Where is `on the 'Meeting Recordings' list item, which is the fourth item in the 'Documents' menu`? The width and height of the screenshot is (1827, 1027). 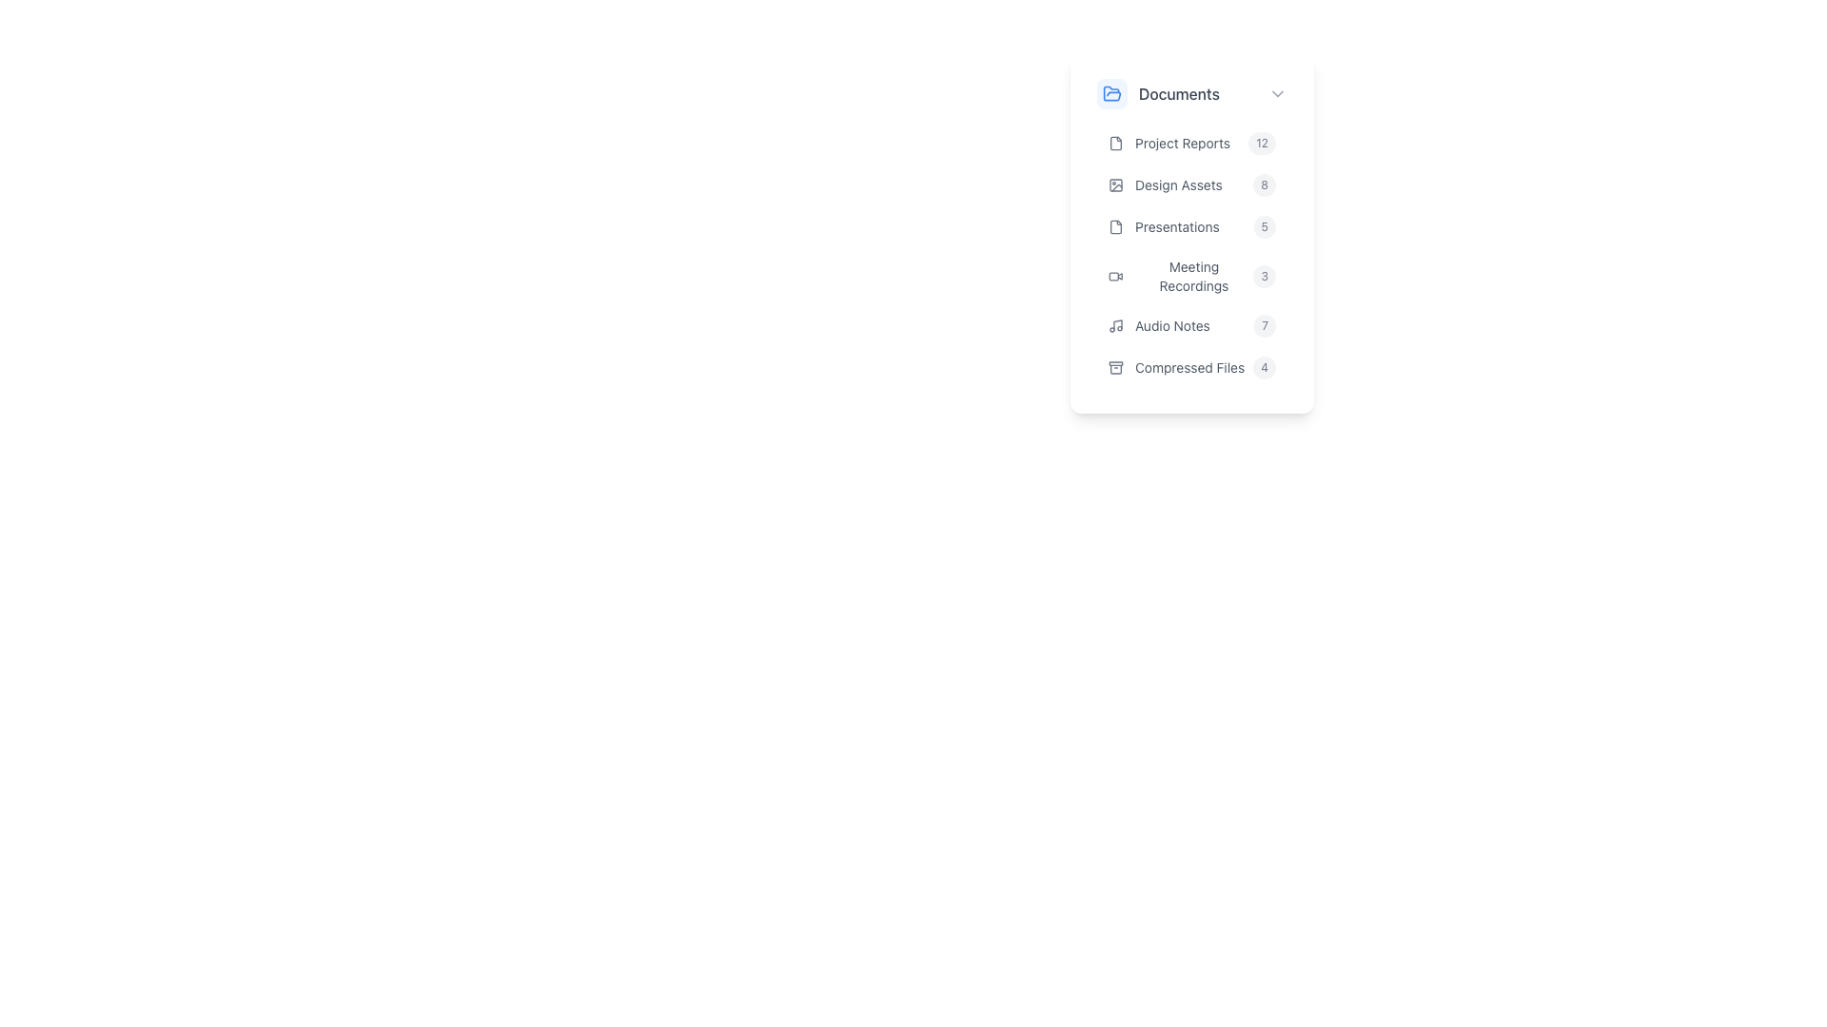 on the 'Meeting Recordings' list item, which is the fourth item in the 'Documents' menu is located at coordinates (1190, 255).